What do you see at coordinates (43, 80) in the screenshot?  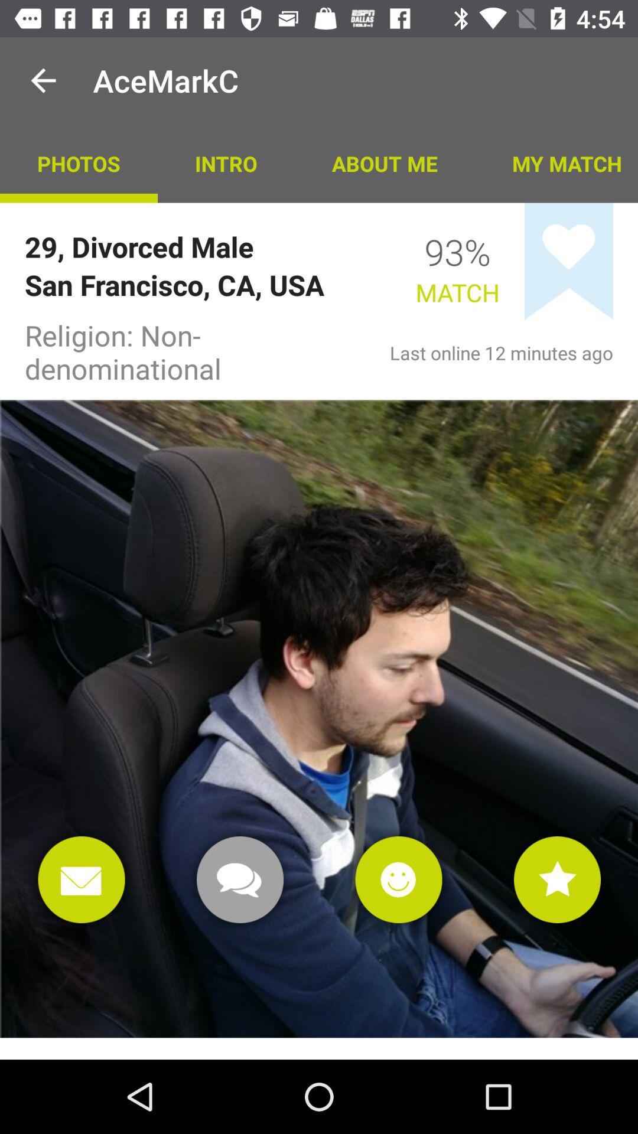 I see `item next to the acemarkc item` at bounding box center [43, 80].